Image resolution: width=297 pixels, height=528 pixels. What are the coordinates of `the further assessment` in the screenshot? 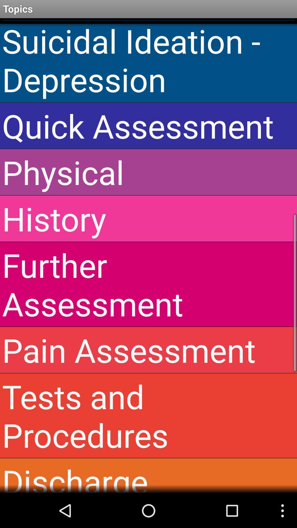 It's located at (148, 284).